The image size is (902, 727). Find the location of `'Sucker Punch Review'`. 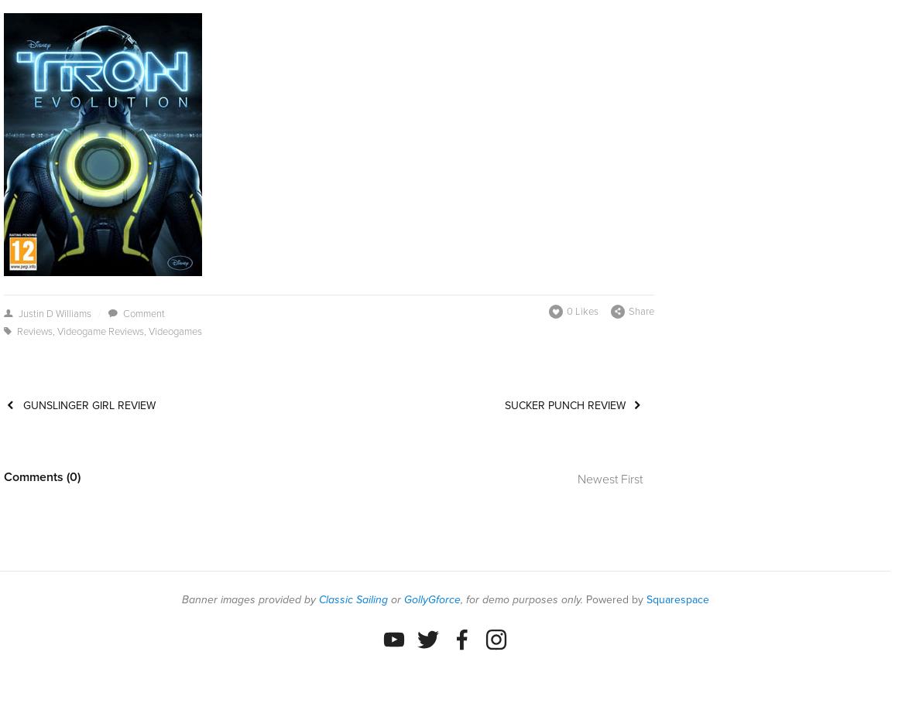

'Sucker Punch Review' is located at coordinates (564, 404).